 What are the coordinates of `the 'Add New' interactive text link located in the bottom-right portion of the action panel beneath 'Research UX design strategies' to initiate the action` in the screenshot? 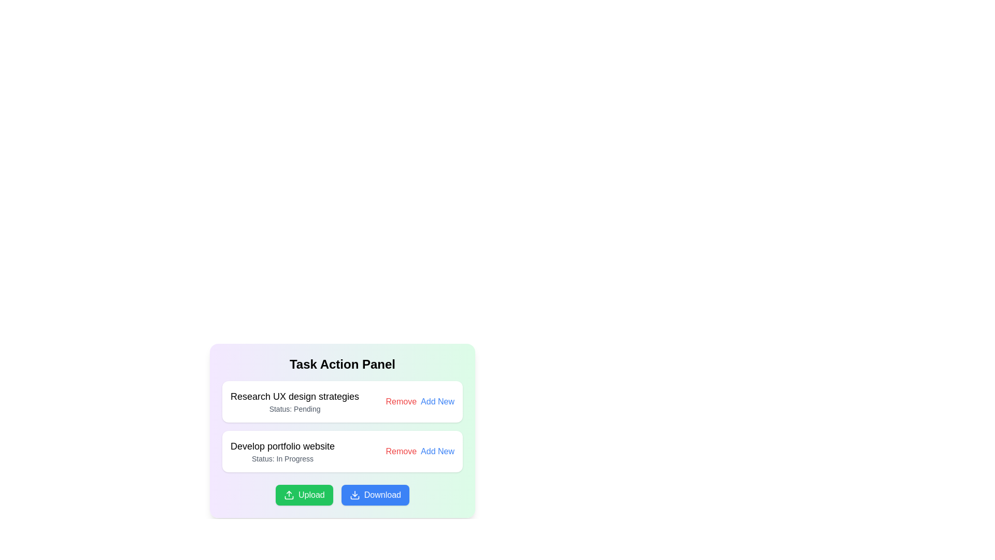 It's located at (437, 401).